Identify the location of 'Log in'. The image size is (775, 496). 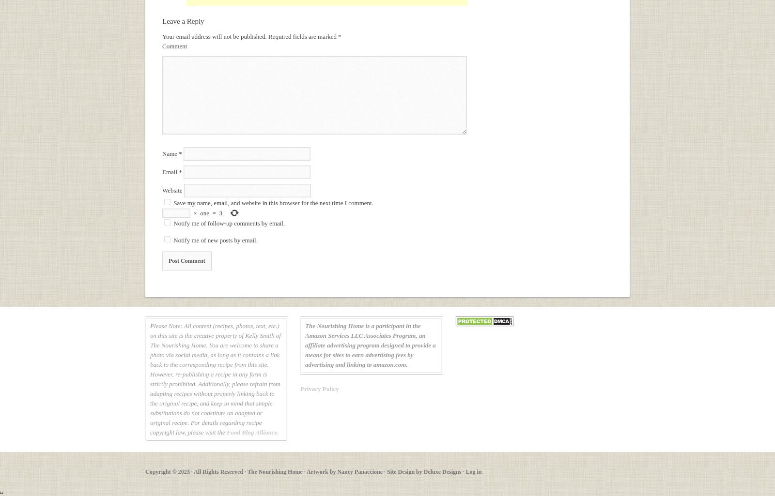
(465, 471).